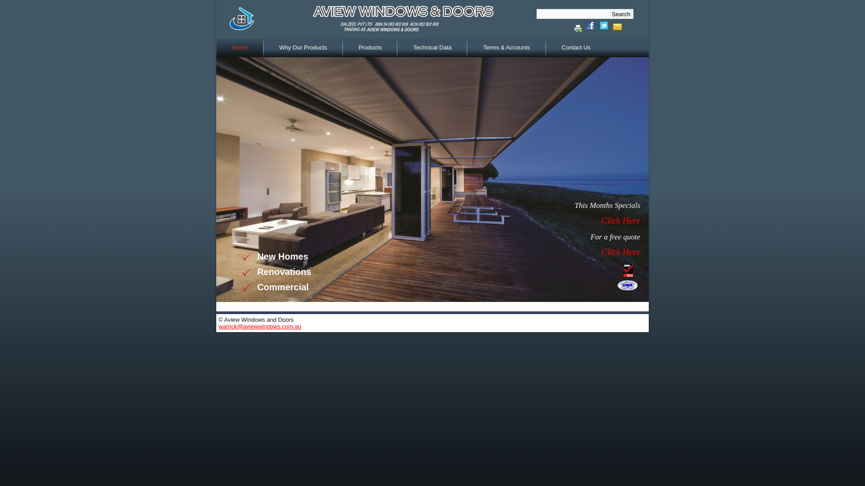 The height and width of the screenshot is (486, 865). I want to click on 'Search', so click(620, 13).